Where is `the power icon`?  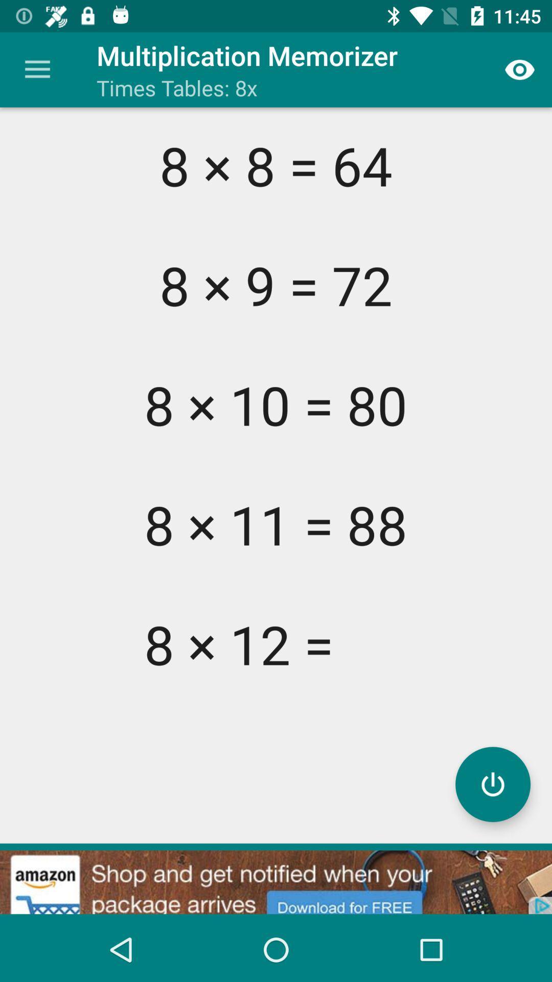 the power icon is located at coordinates (492, 784).